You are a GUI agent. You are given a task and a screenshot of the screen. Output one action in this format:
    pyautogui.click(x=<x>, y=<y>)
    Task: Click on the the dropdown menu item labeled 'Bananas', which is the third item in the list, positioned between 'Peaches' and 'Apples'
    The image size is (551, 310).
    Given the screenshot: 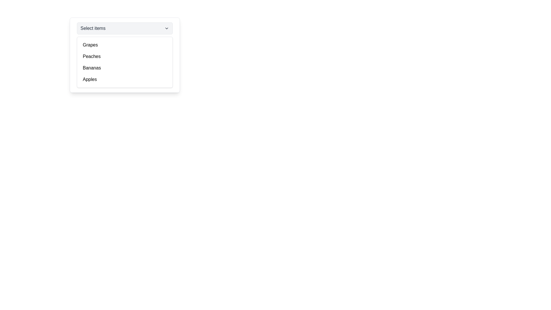 What is the action you would take?
    pyautogui.click(x=124, y=67)
    